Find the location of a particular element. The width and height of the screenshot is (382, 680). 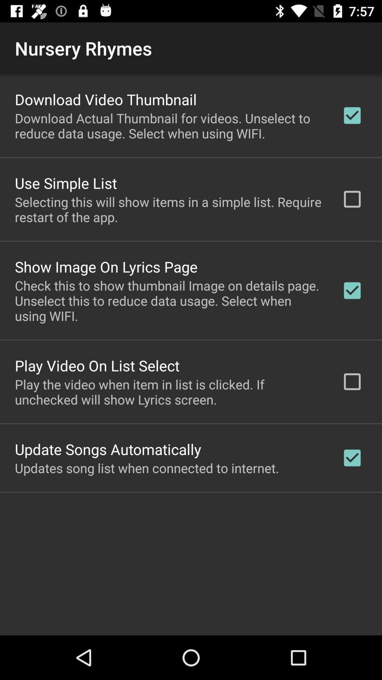

the check this to app is located at coordinates (169, 301).